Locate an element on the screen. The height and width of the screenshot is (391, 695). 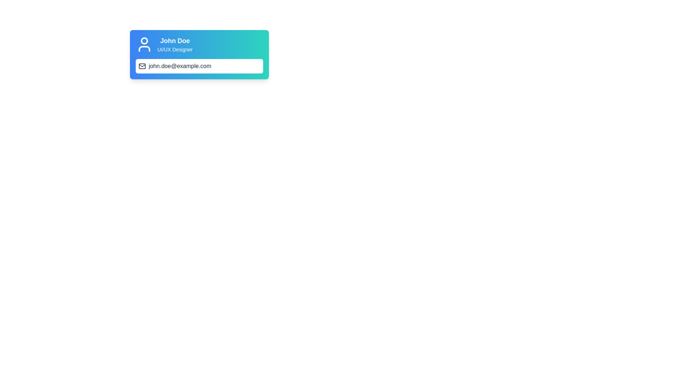
the text displaying the name 'John Doe' is located at coordinates (175, 41).